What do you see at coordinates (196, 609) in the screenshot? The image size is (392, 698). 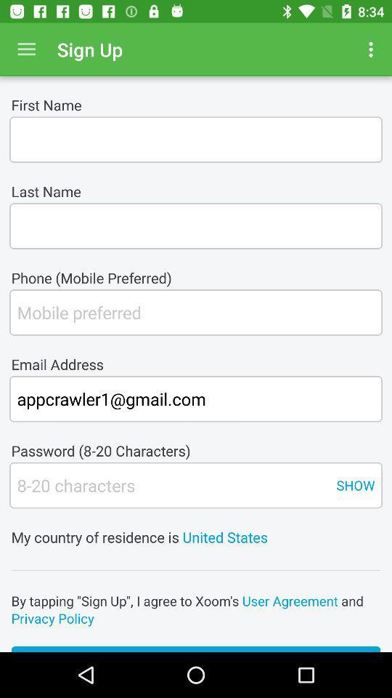 I see `the text which indicates privacy and policy` at bounding box center [196, 609].